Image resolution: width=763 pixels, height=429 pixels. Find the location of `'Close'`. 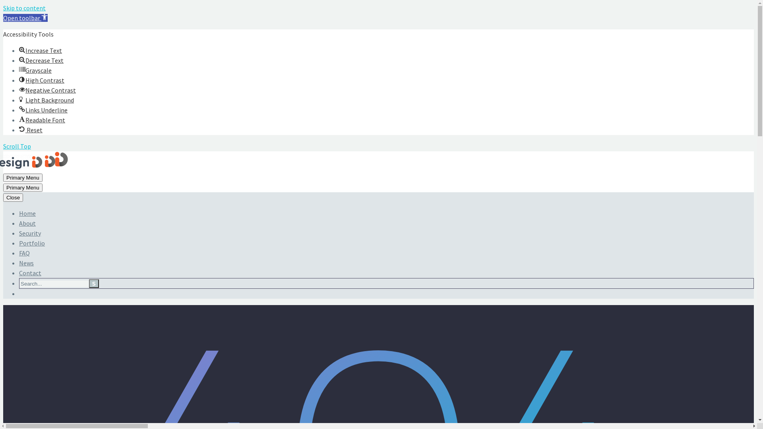

'Close' is located at coordinates (3, 197).